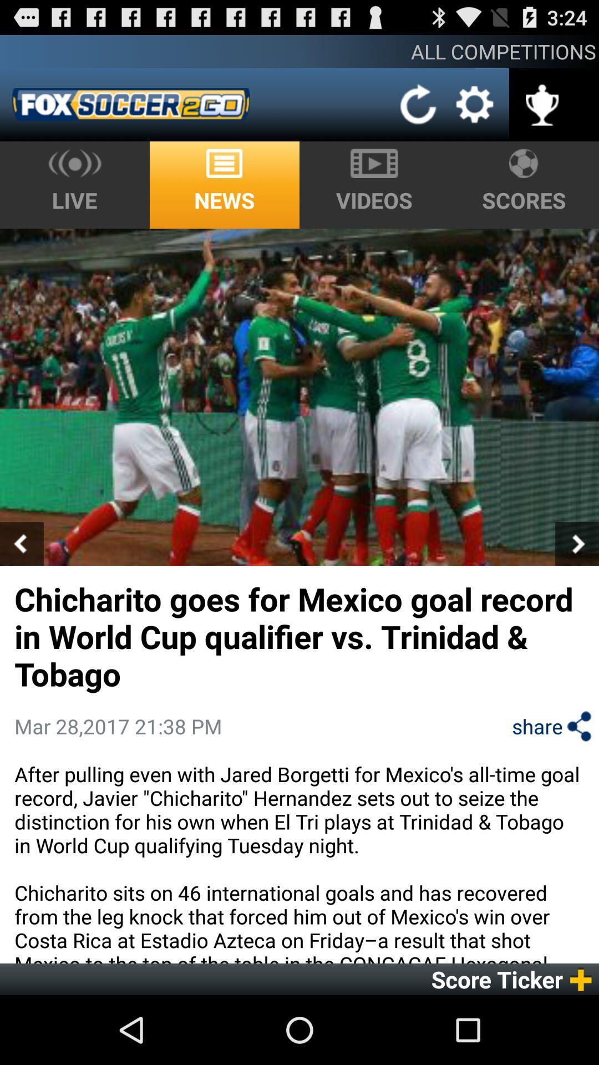  What do you see at coordinates (419, 104) in the screenshot?
I see `the item below the all competitions icon` at bounding box center [419, 104].